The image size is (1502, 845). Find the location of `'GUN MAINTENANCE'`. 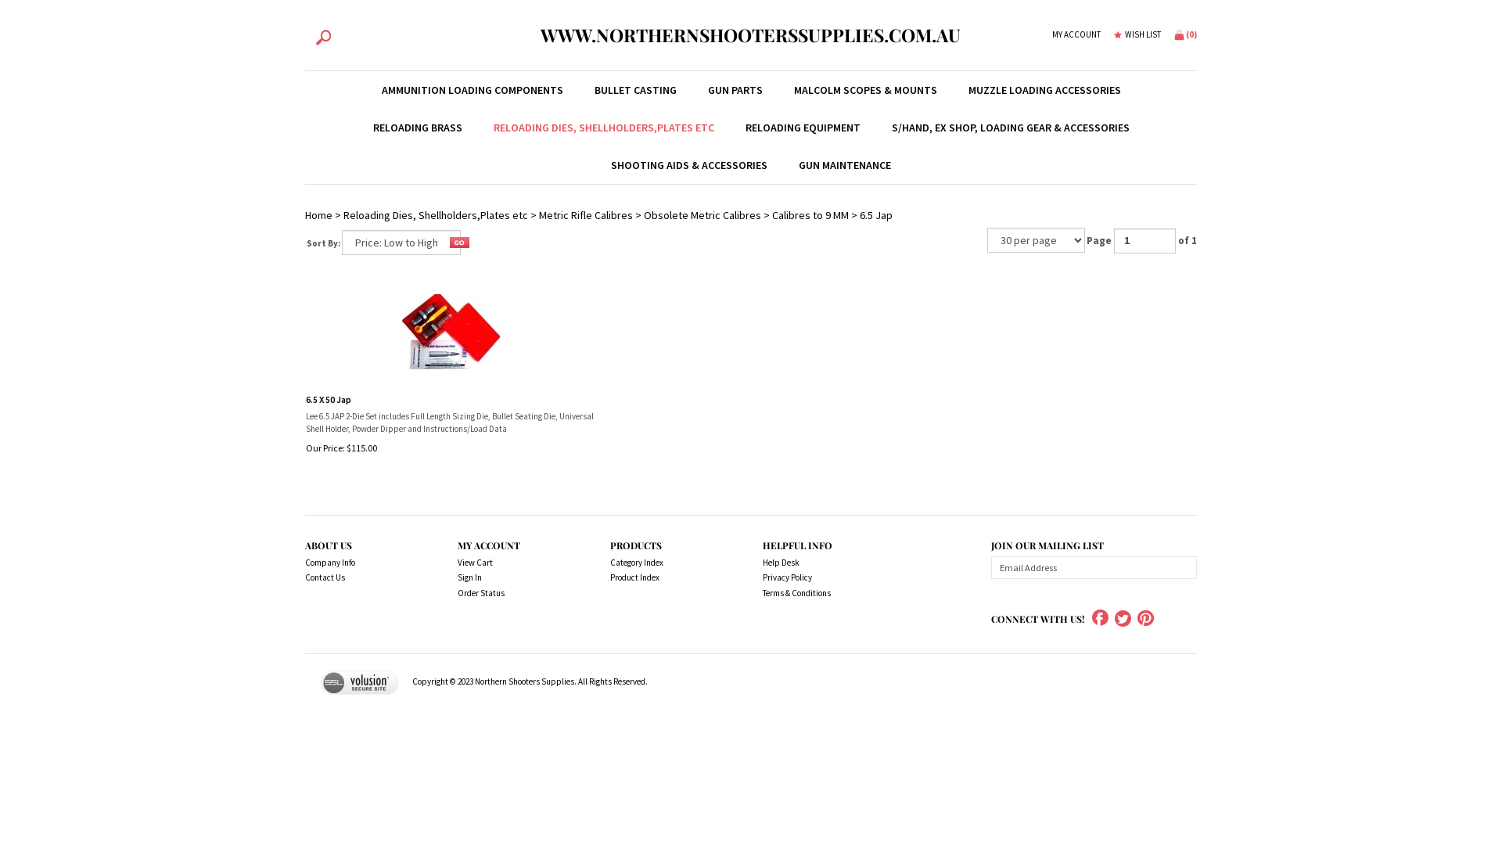

'GUN MAINTENANCE' is located at coordinates (844, 165).